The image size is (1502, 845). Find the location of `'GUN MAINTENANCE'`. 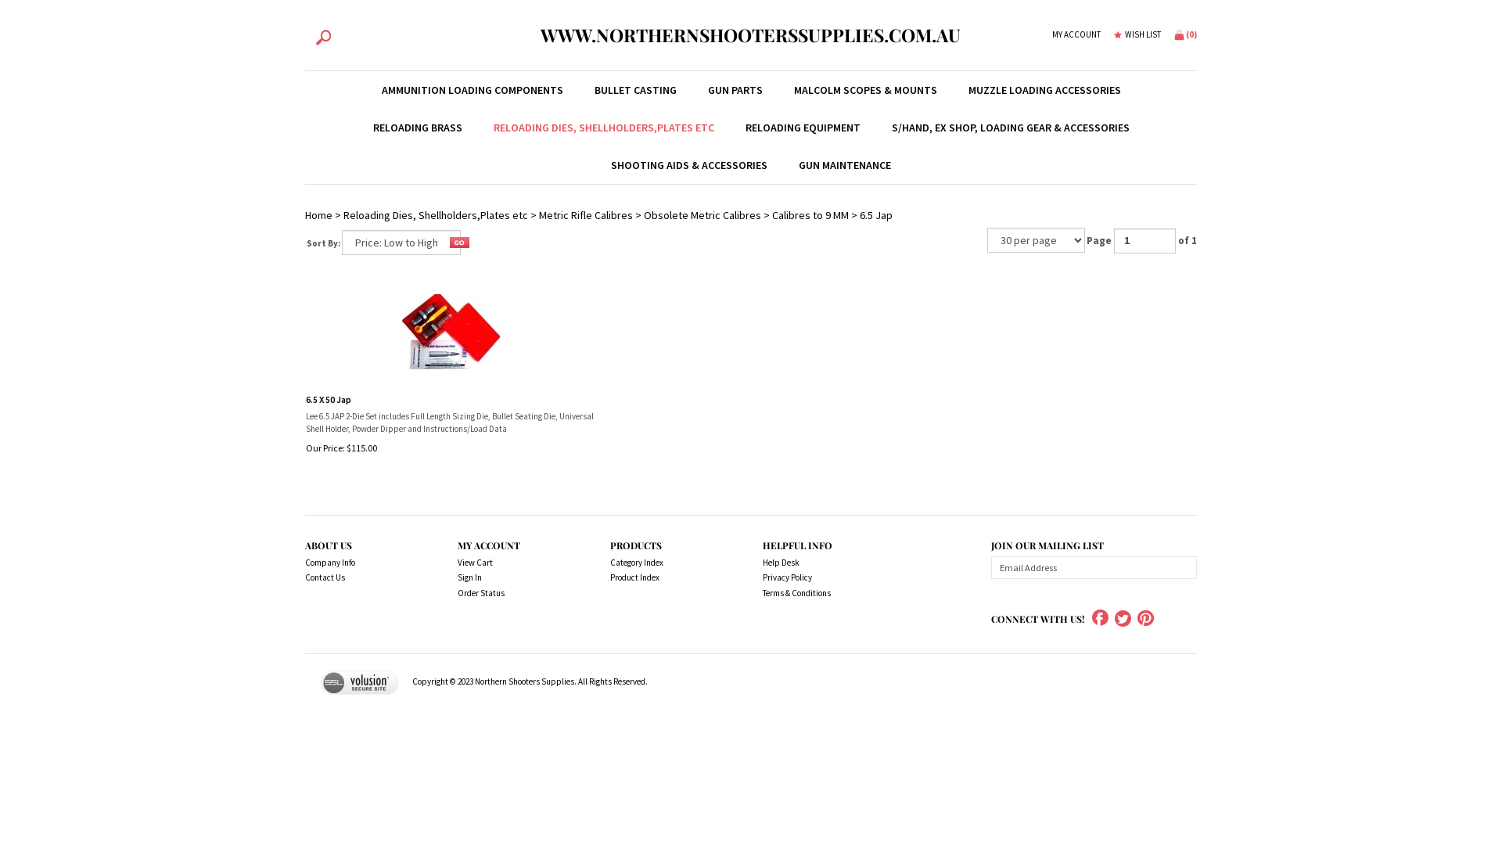

'GUN MAINTENANCE' is located at coordinates (844, 165).